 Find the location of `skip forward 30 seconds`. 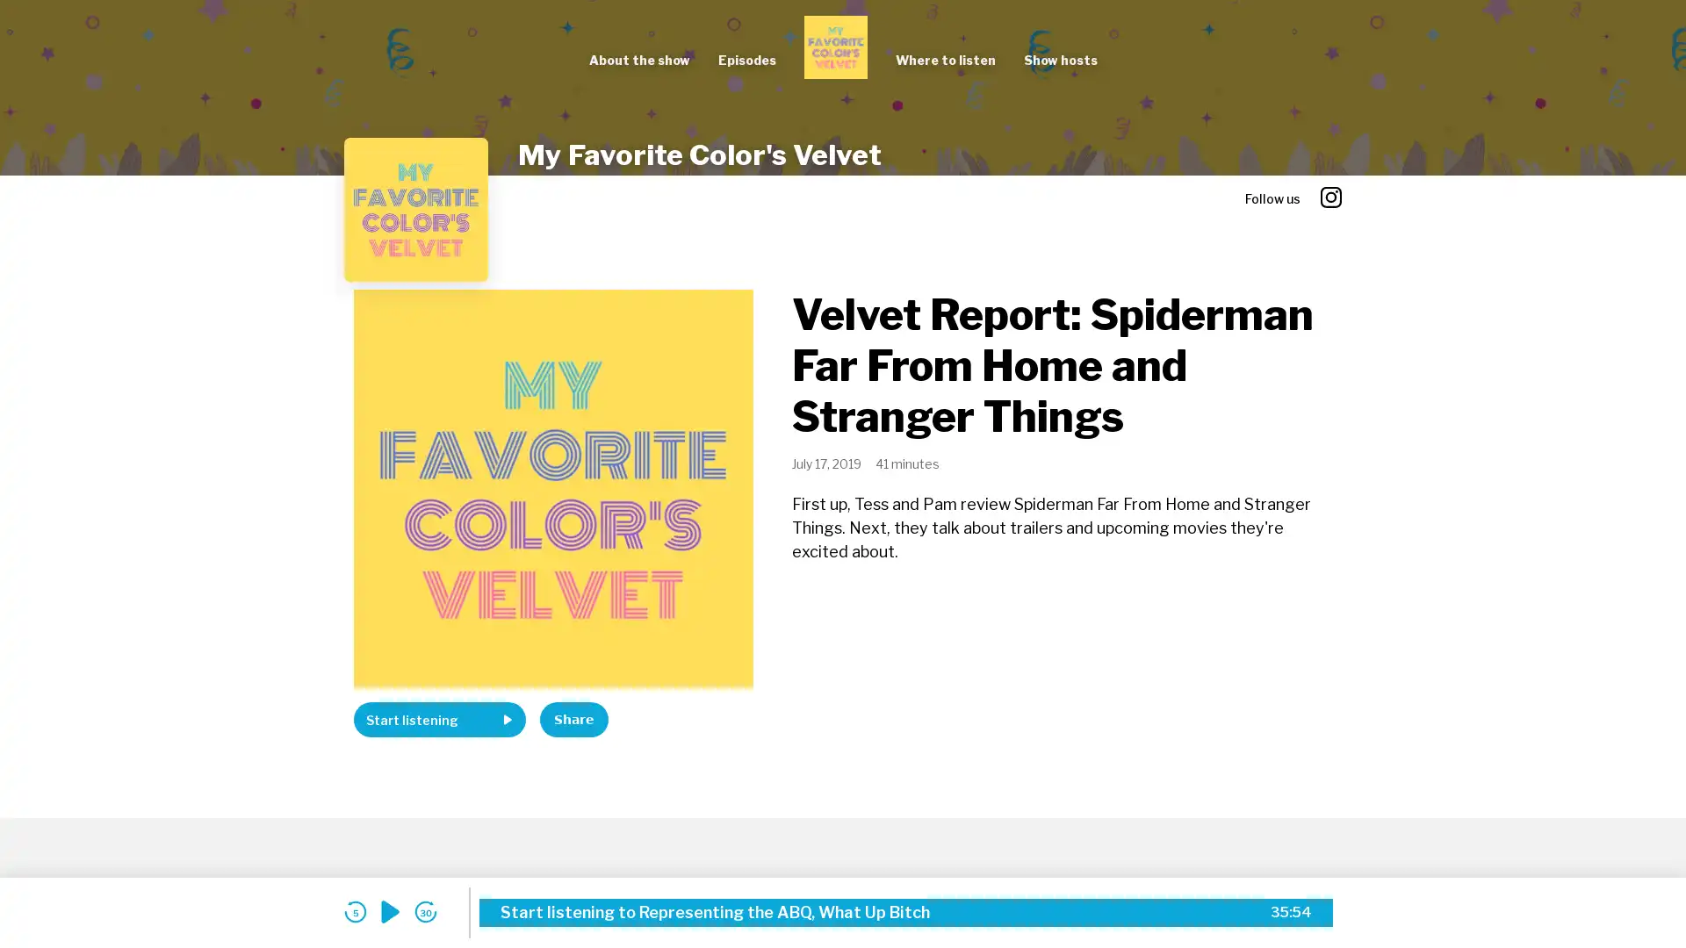

skip forward 30 seconds is located at coordinates (425, 911).